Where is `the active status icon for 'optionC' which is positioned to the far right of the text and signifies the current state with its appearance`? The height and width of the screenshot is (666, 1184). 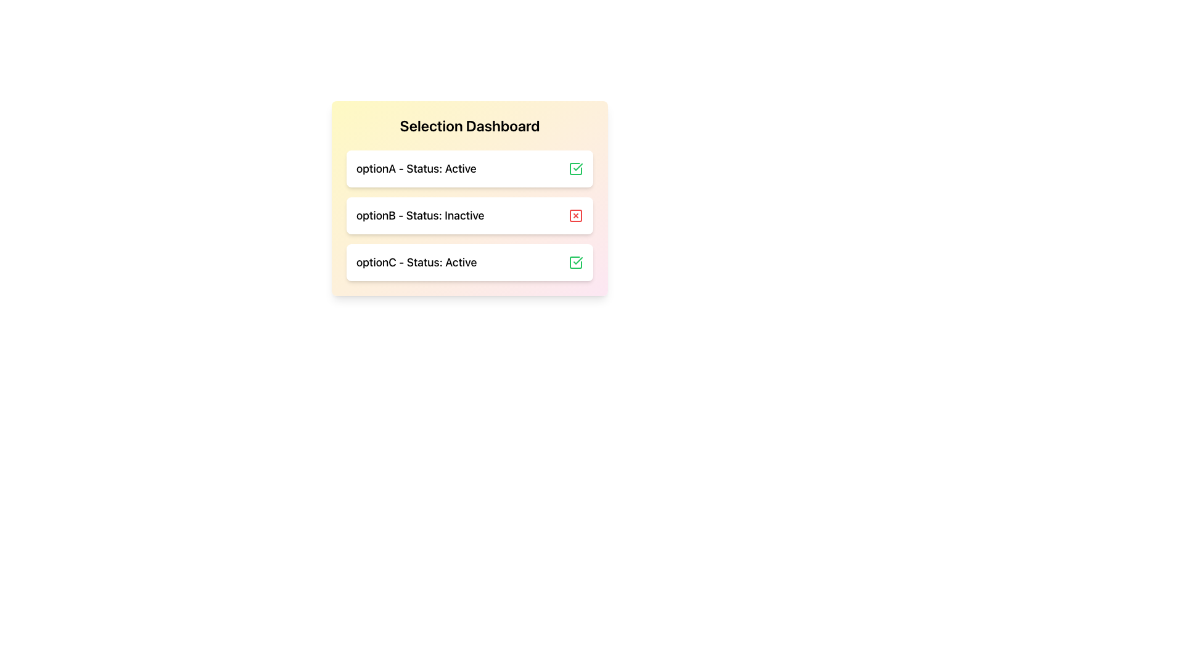 the active status icon for 'optionC' which is positioned to the far right of the text and signifies the current state with its appearance is located at coordinates (575, 261).